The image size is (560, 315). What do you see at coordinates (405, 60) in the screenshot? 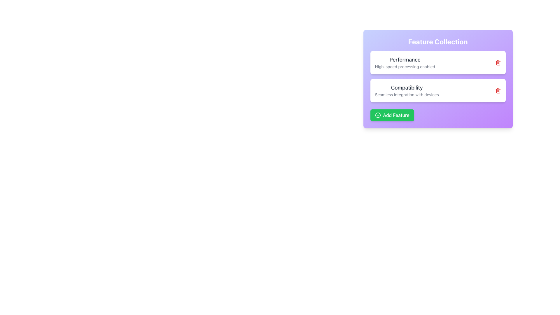
I see `the 'Performance' text label, which is styled with a larger, bold, dark gray font and located at the top of the first feature box in the 'Feature Collection' interface` at bounding box center [405, 60].